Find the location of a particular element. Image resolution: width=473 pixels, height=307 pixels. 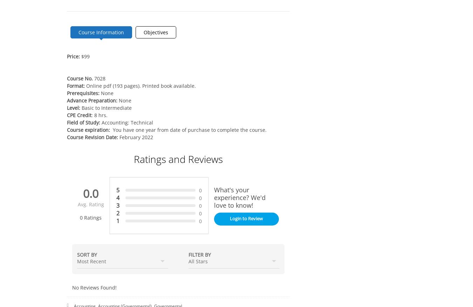

'$99' is located at coordinates (85, 56).